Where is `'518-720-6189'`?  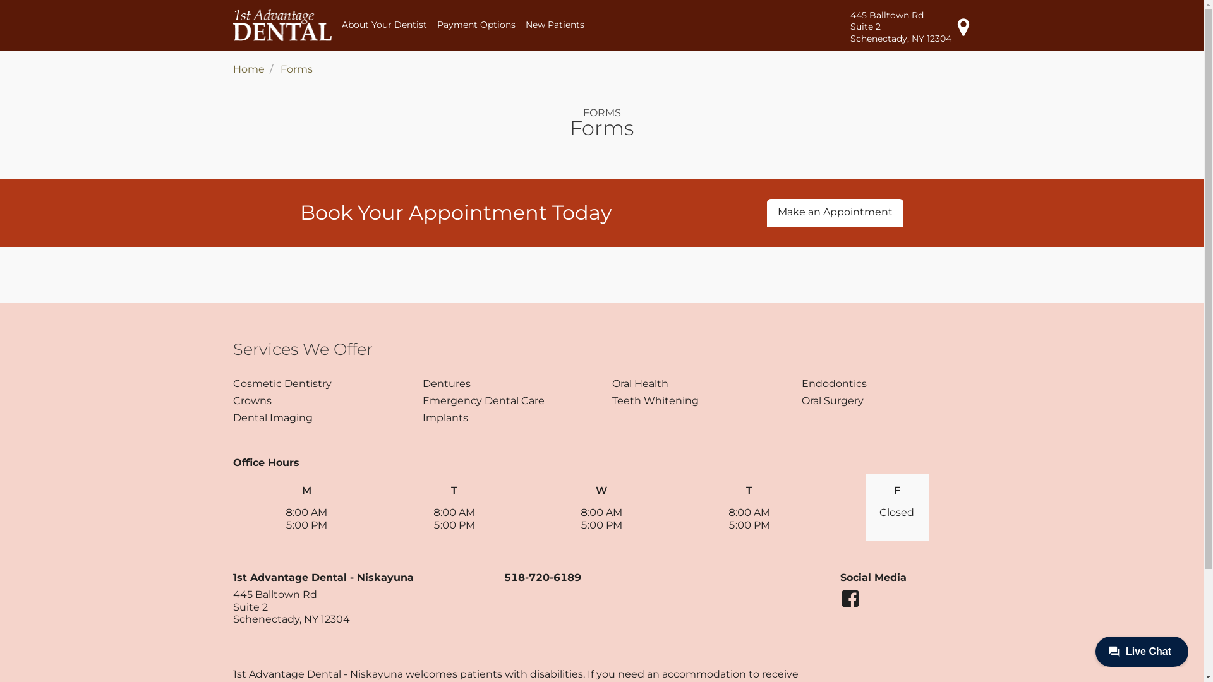 '518-720-6189' is located at coordinates (543, 577).